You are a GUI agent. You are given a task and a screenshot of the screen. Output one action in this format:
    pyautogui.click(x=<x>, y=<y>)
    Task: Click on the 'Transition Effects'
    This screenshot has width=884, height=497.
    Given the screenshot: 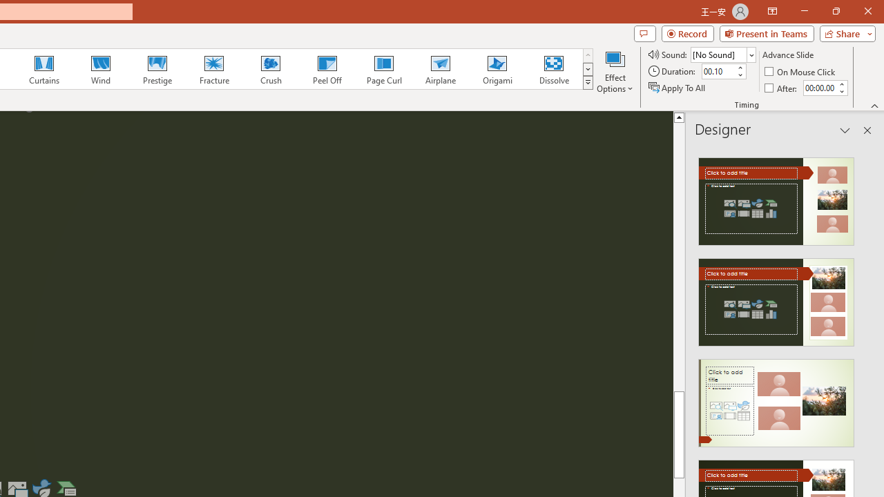 What is the action you would take?
    pyautogui.click(x=588, y=83)
    